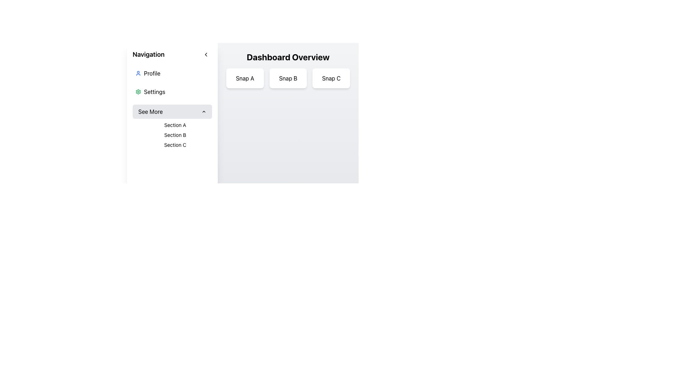 This screenshot has height=383, width=681. I want to click on the navigation button located in the upper-right section of the navigation header, adjacent to the title 'Navigation', so click(205, 54).